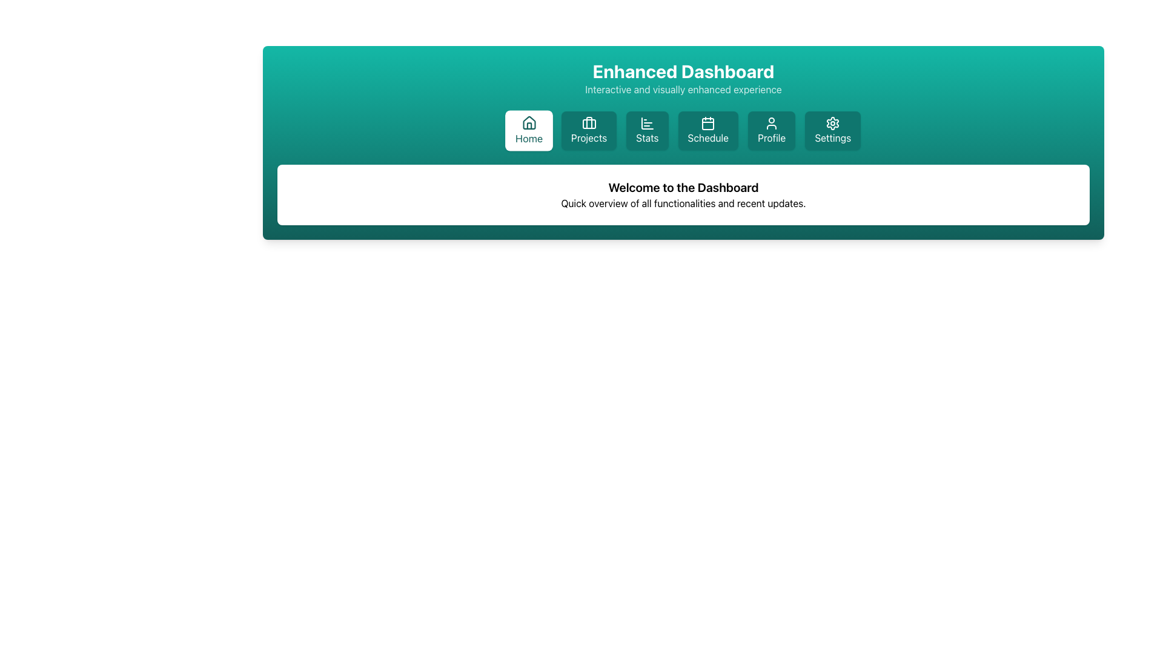 The image size is (1163, 654). Describe the element at coordinates (589, 124) in the screenshot. I see `the 'Projects' icon located in the second button of the top bar of the application` at that location.